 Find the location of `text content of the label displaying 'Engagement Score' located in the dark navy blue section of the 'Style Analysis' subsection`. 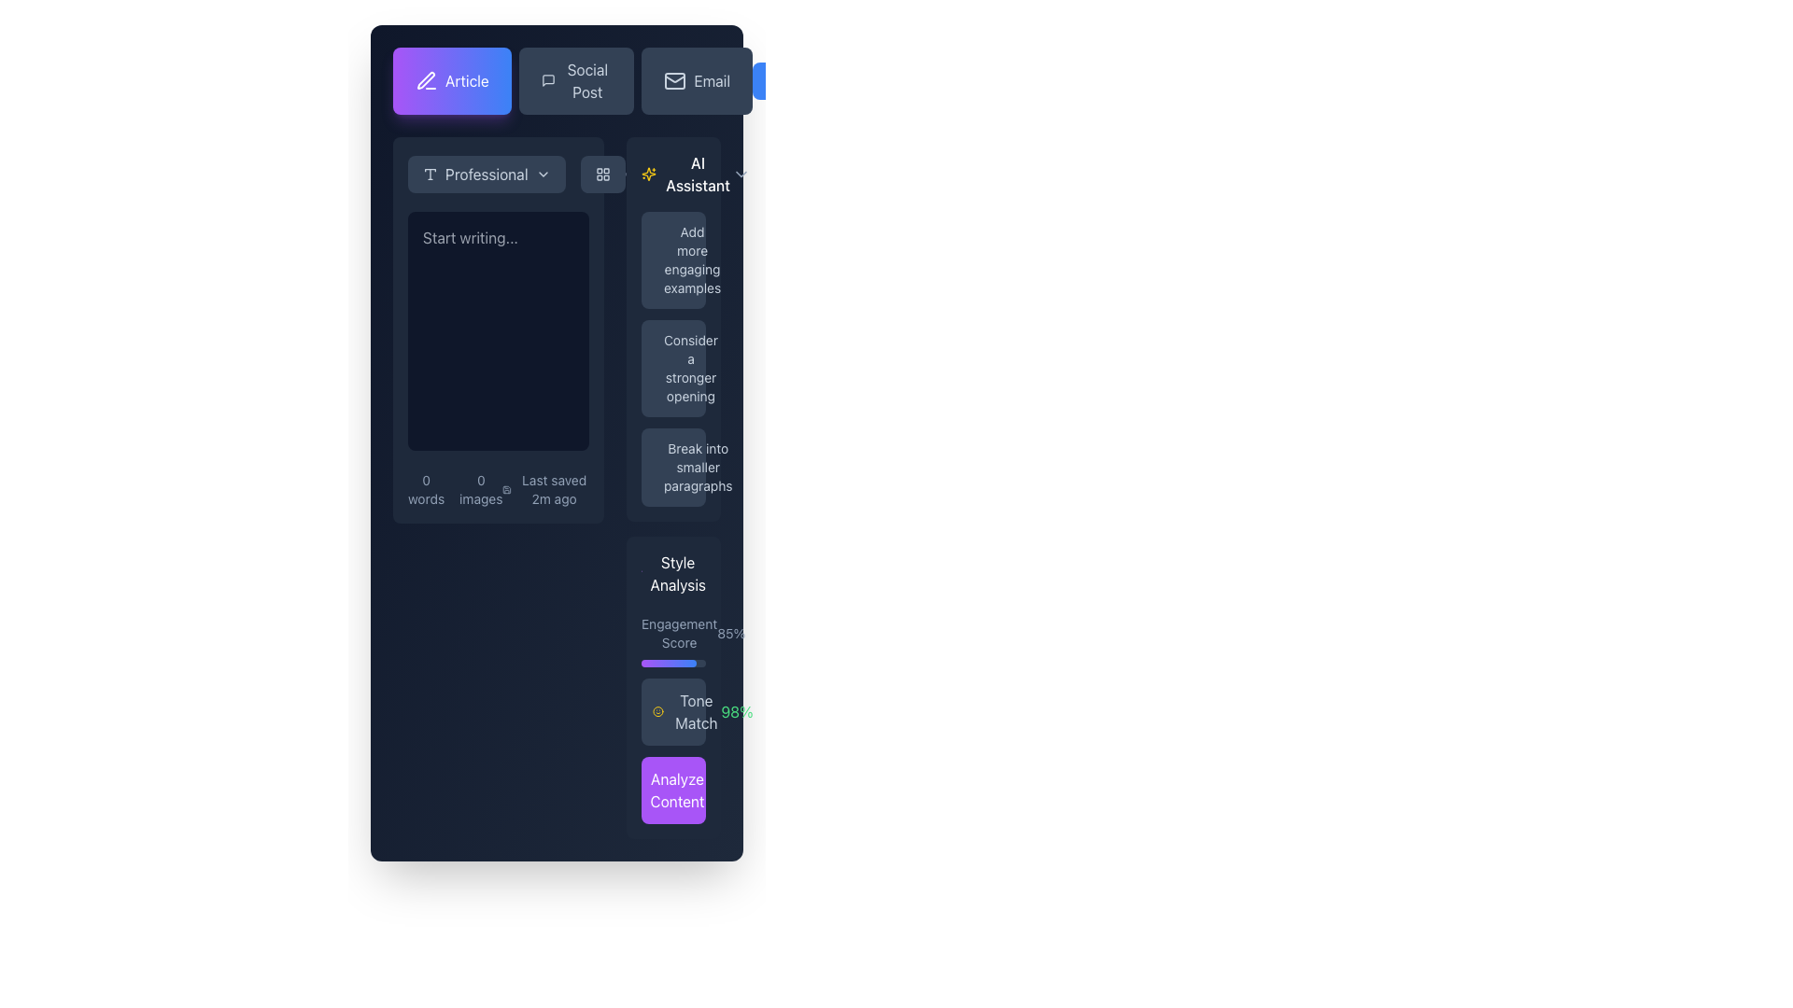

text content of the label displaying 'Engagement Score' located in the dark navy blue section of the 'Style Analysis' subsection is located at coordinates (678, 632).